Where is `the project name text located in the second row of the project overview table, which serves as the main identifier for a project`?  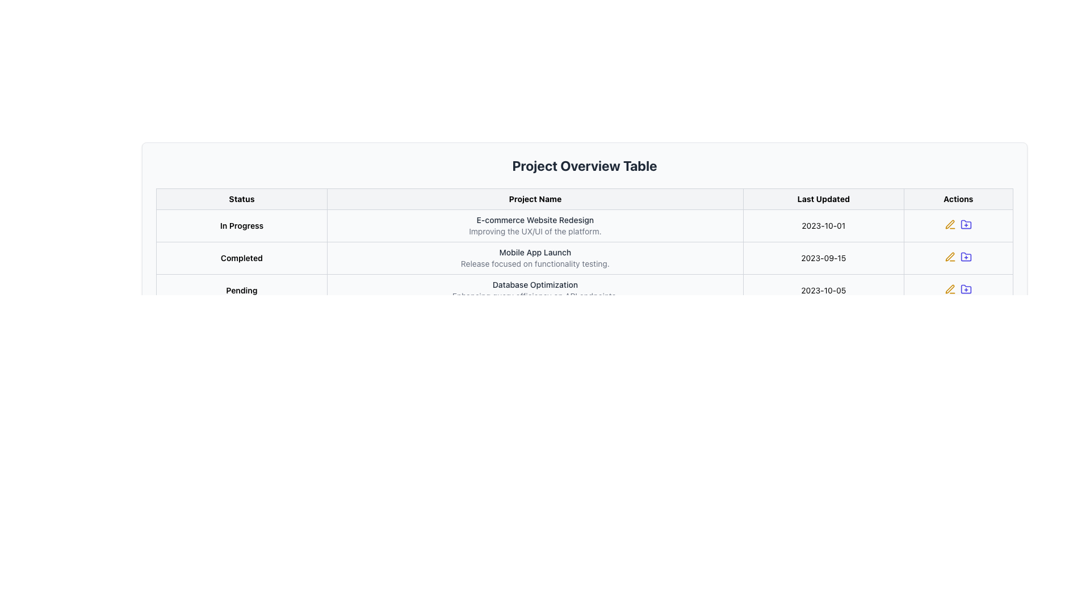 the project name text located in the second row of the project overview table, which serves as the main identifier for a project is located at coordinates (534, 220).